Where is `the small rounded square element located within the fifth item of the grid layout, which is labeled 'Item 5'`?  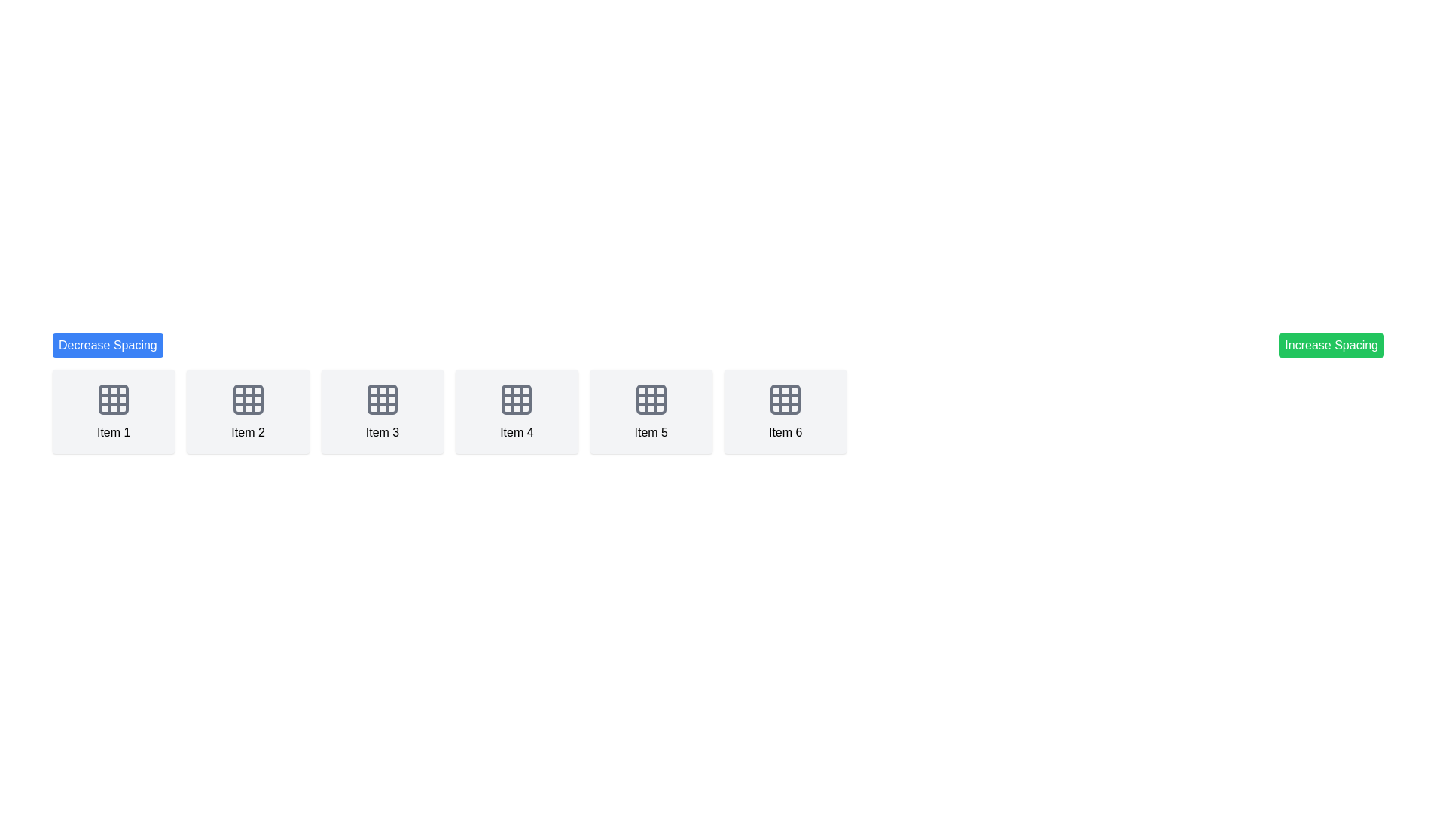 the small rounded square element located within the fifth item of the grid layout, which is labeled 'Item 5' is located at coordinates (651, 399).